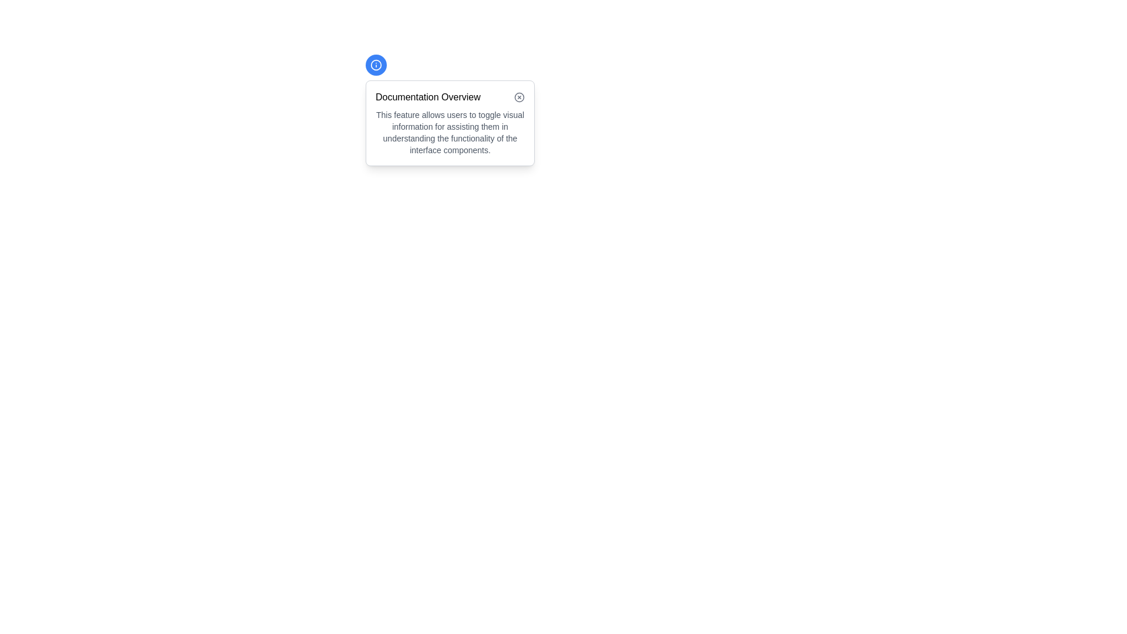  What do you see at coordinates (376, 65) in the screenshot?
I see `the blue circular Interactive Icon with a white outline featuring an information symbol, located at the upper left corner of the 'Documentation Overview' card to interact` at bounding box center [376, 65].